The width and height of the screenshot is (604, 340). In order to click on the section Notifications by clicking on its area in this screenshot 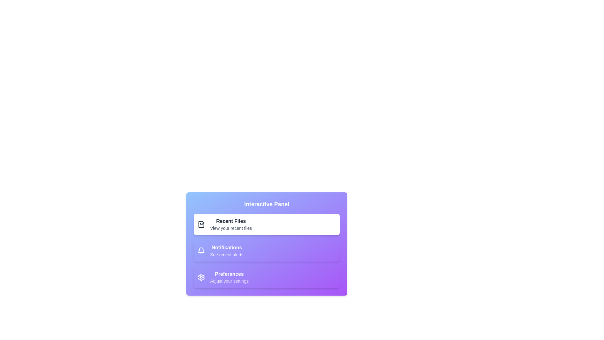, I will do `click(267, 251)`.